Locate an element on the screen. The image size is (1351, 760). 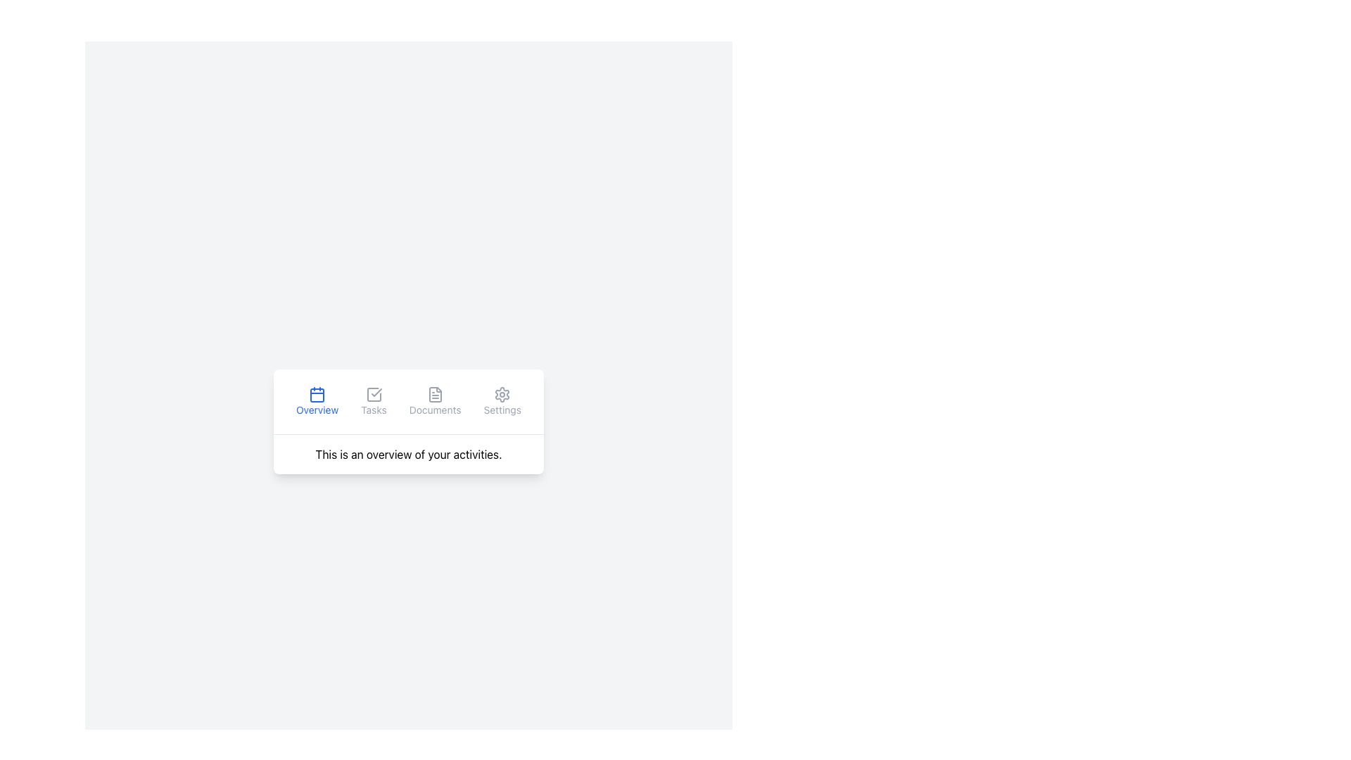
the 'Overview' button in the horizontal navigation group is located at coordinates (317, 401).